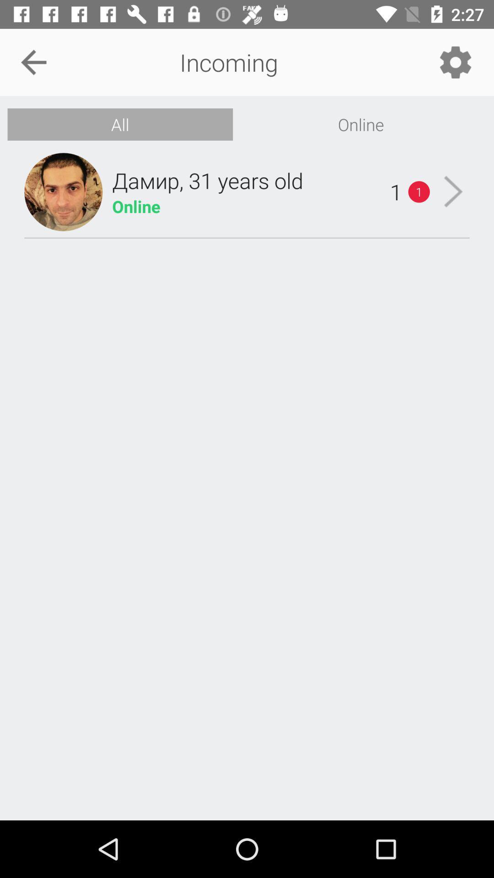 This screenshot has width=494, height=878. Describe the element at coordinates (33, 62) in the screenshot. I see `item to the left of incoming item` at that location.